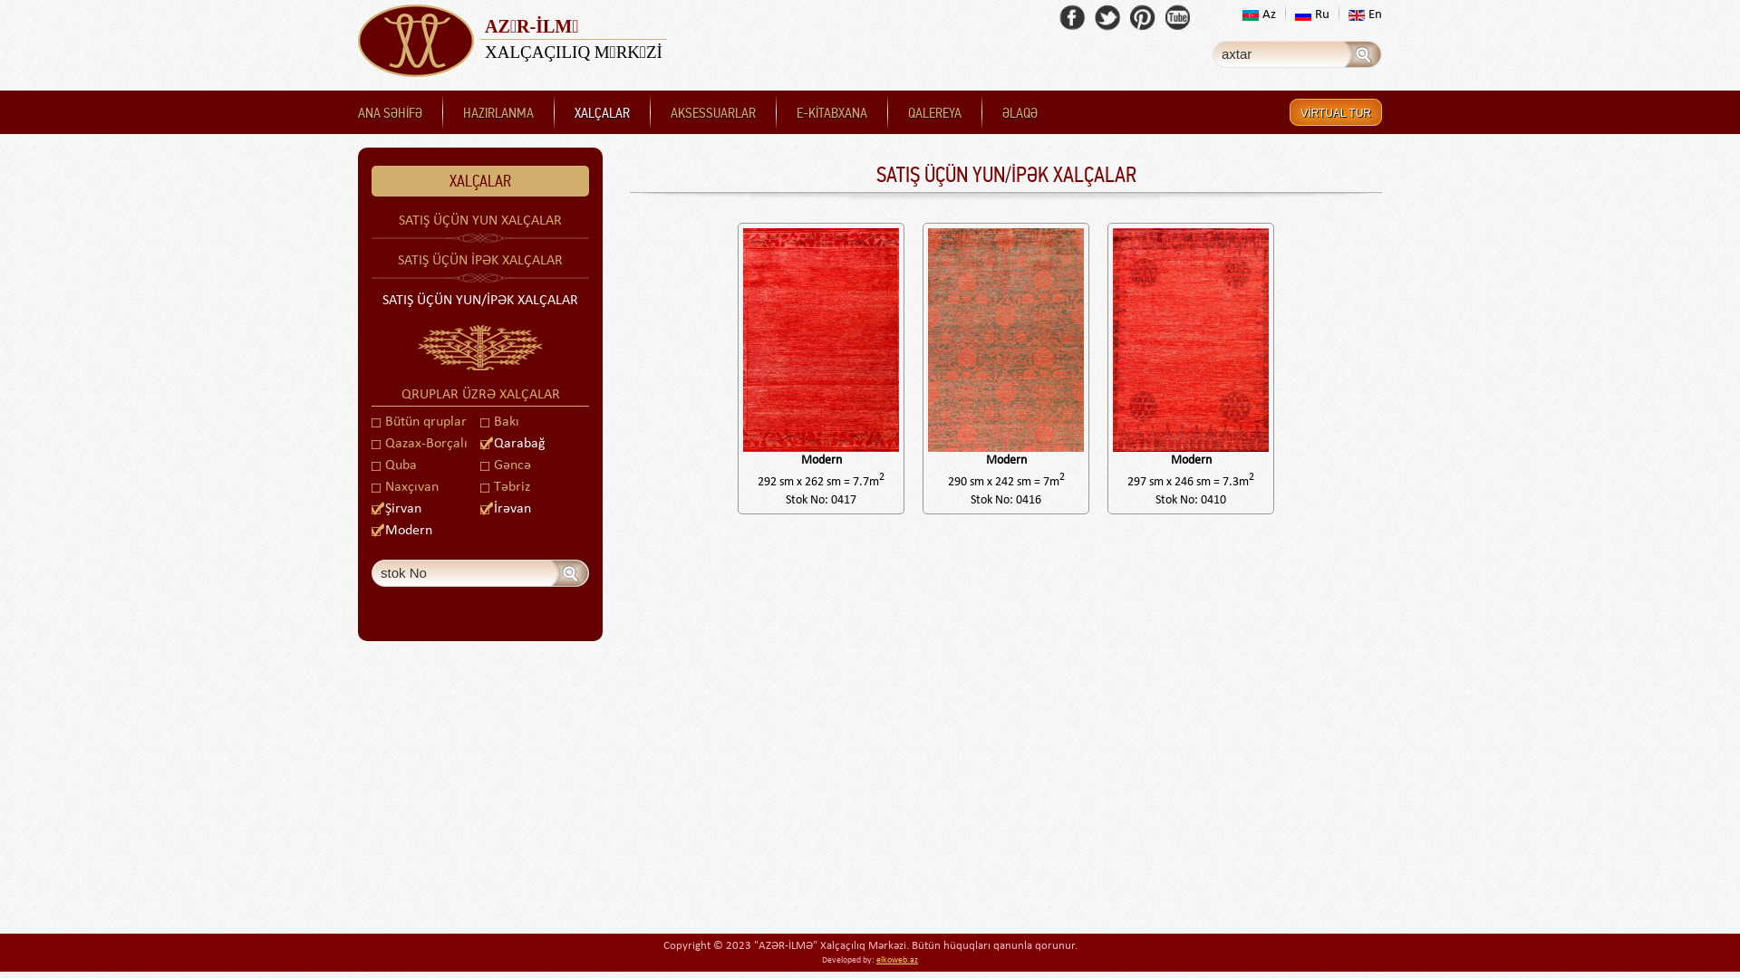 The image size is (1740, 978). I want to click on 'axtar', so click(569, 572).